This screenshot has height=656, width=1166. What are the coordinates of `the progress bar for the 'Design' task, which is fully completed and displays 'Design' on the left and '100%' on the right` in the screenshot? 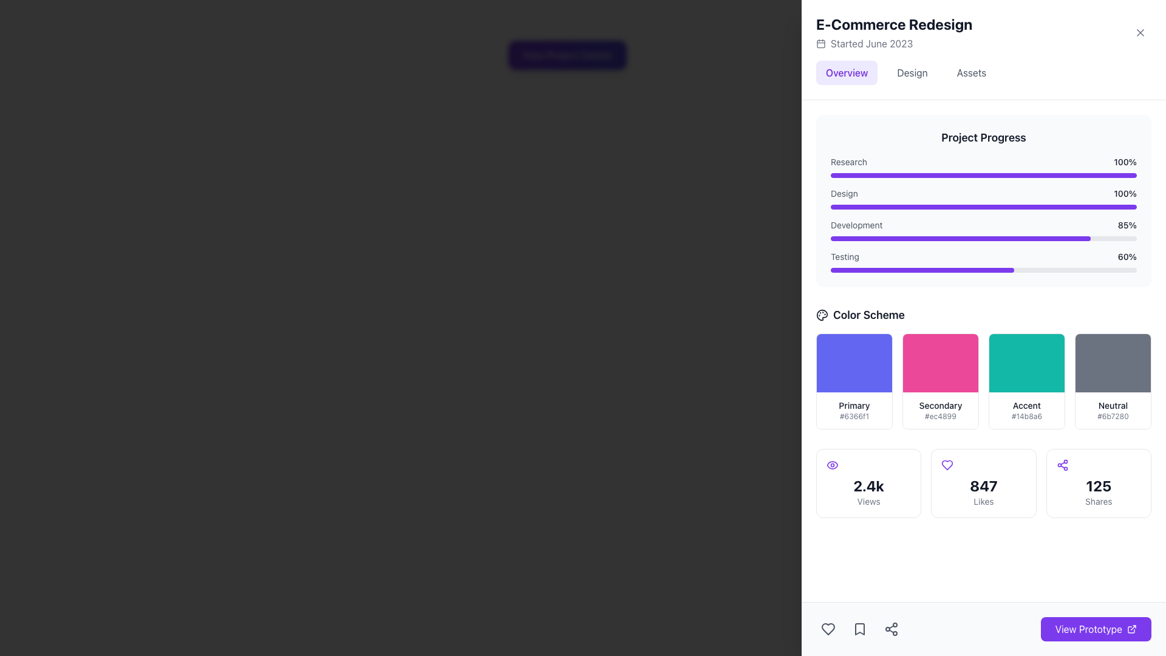 It's located at (984, 198).